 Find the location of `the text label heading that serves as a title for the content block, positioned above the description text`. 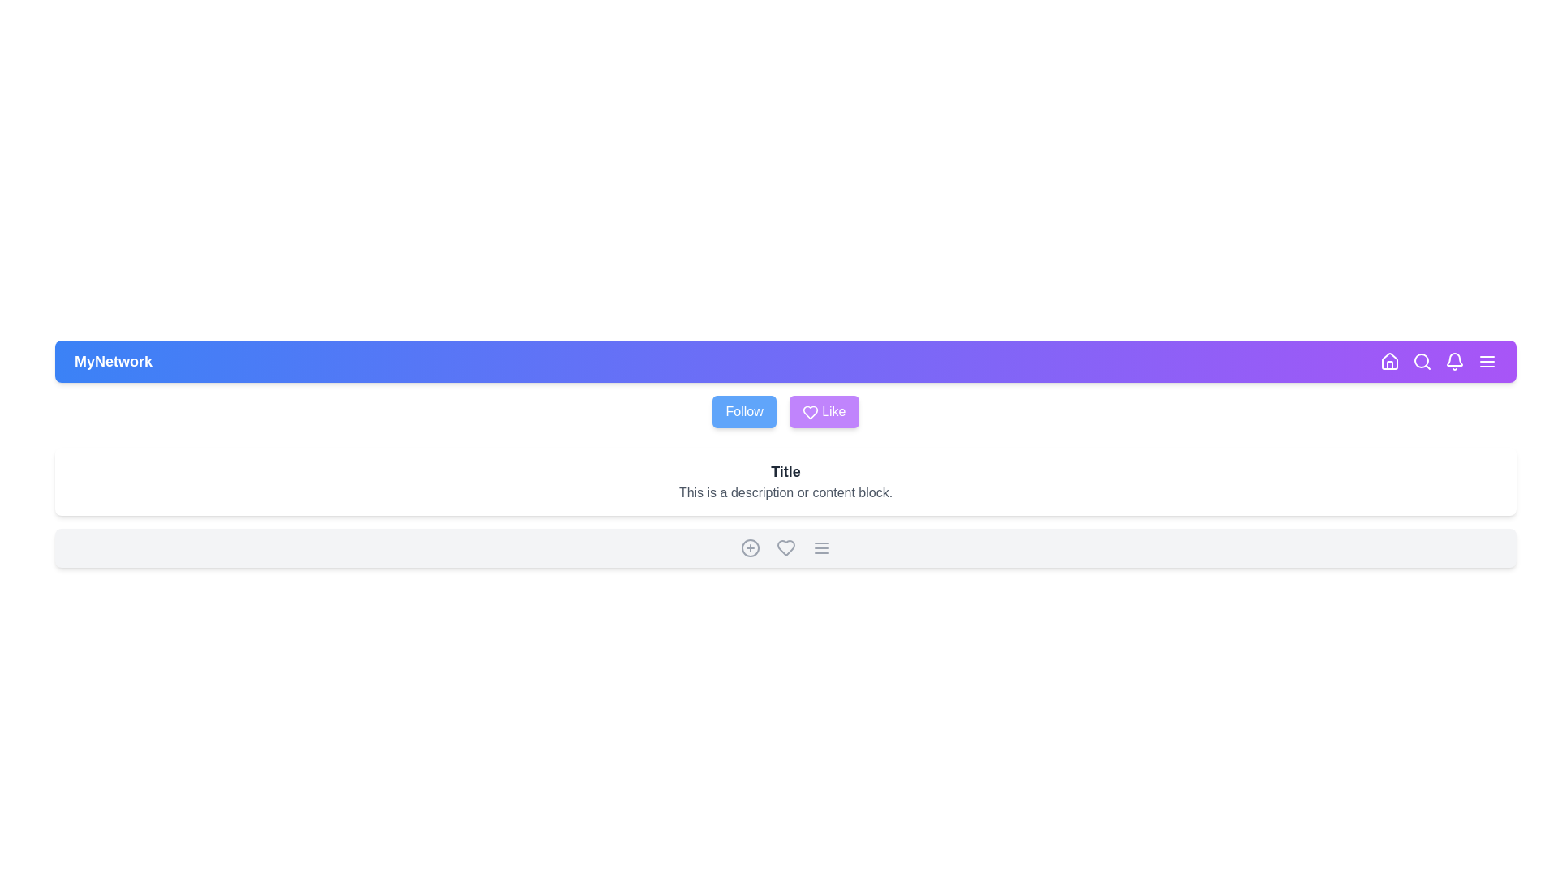

the text label heading that serves as a title for the content block, positioned above the description text is located at coordinates (785, 472).